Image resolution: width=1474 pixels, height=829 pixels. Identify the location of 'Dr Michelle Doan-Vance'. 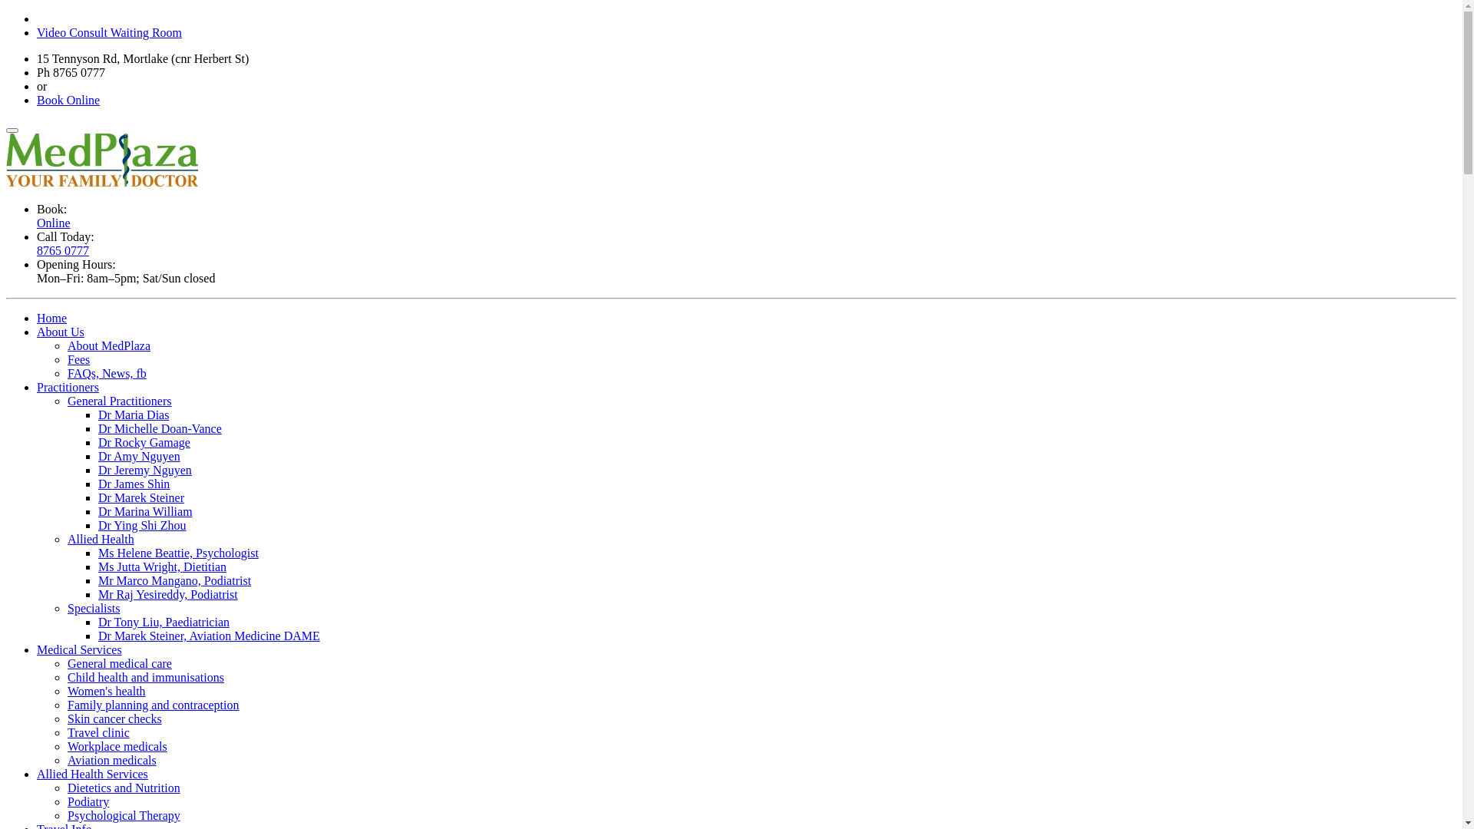
(160, 428).